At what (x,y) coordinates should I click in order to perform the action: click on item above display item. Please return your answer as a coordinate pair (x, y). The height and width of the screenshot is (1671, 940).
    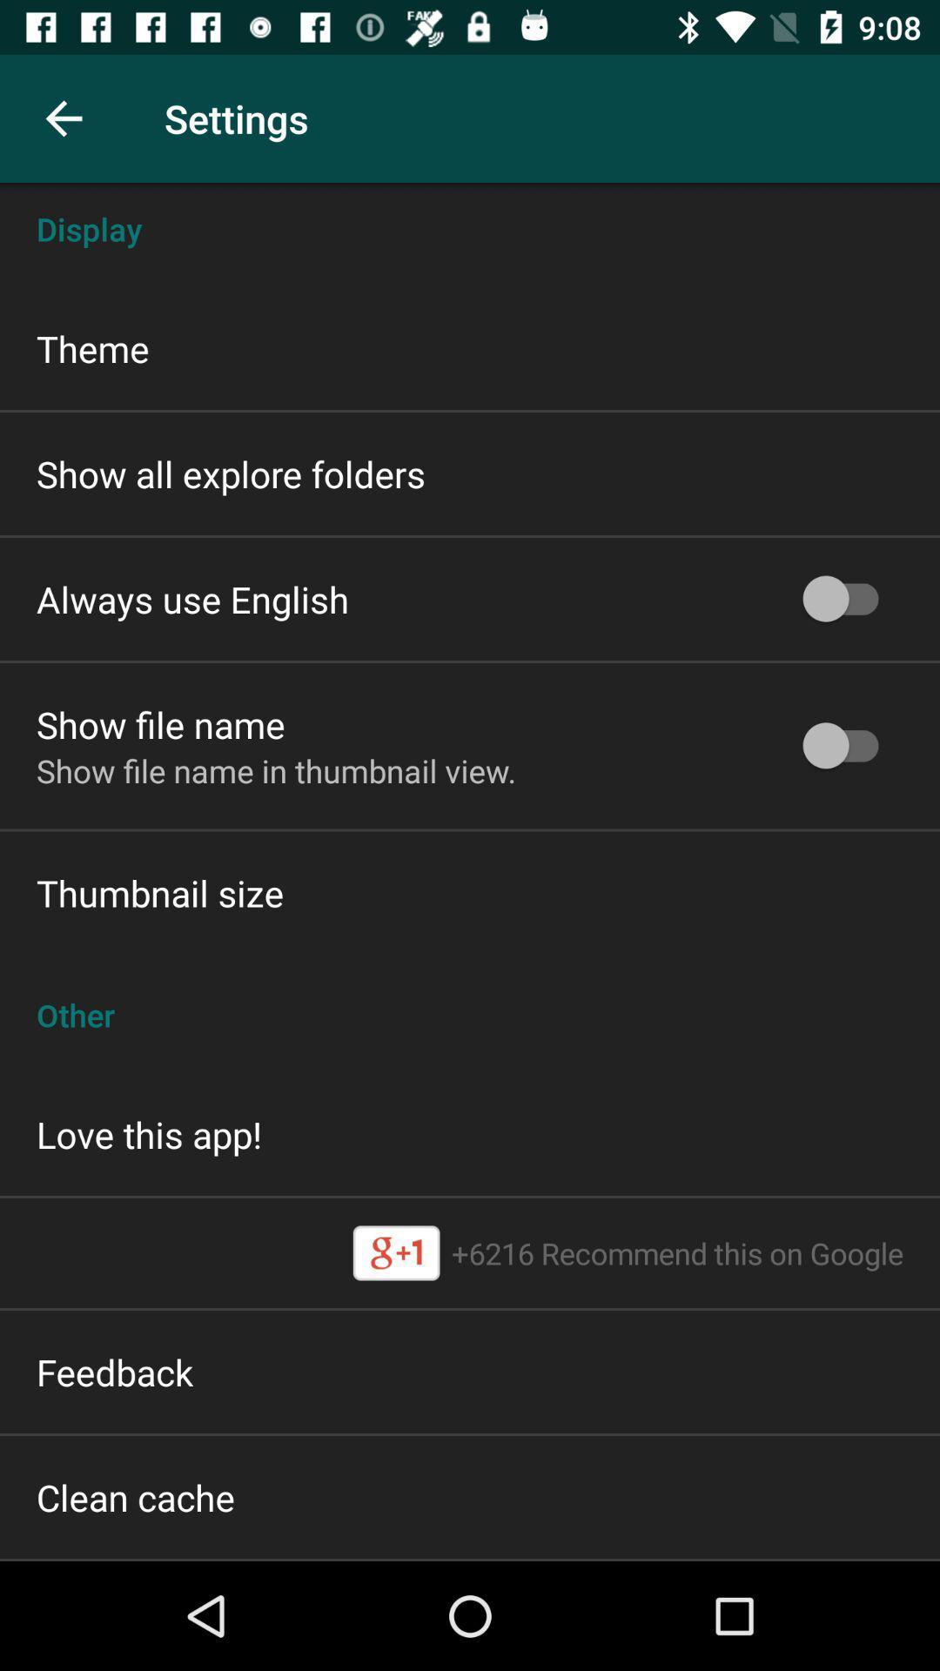
    Looking at the image, I should click on (63, 117).